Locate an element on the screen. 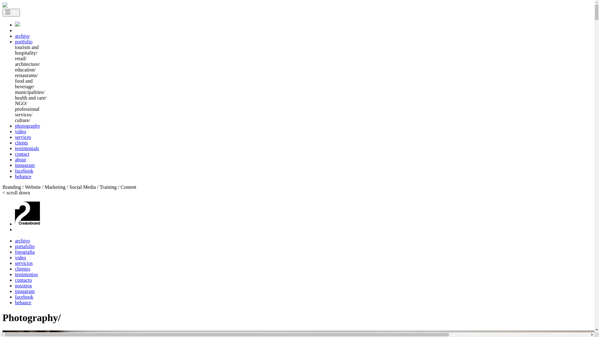 This screenshot has width=599, height=337. 'servicios' is located at coordinates (24, 263).